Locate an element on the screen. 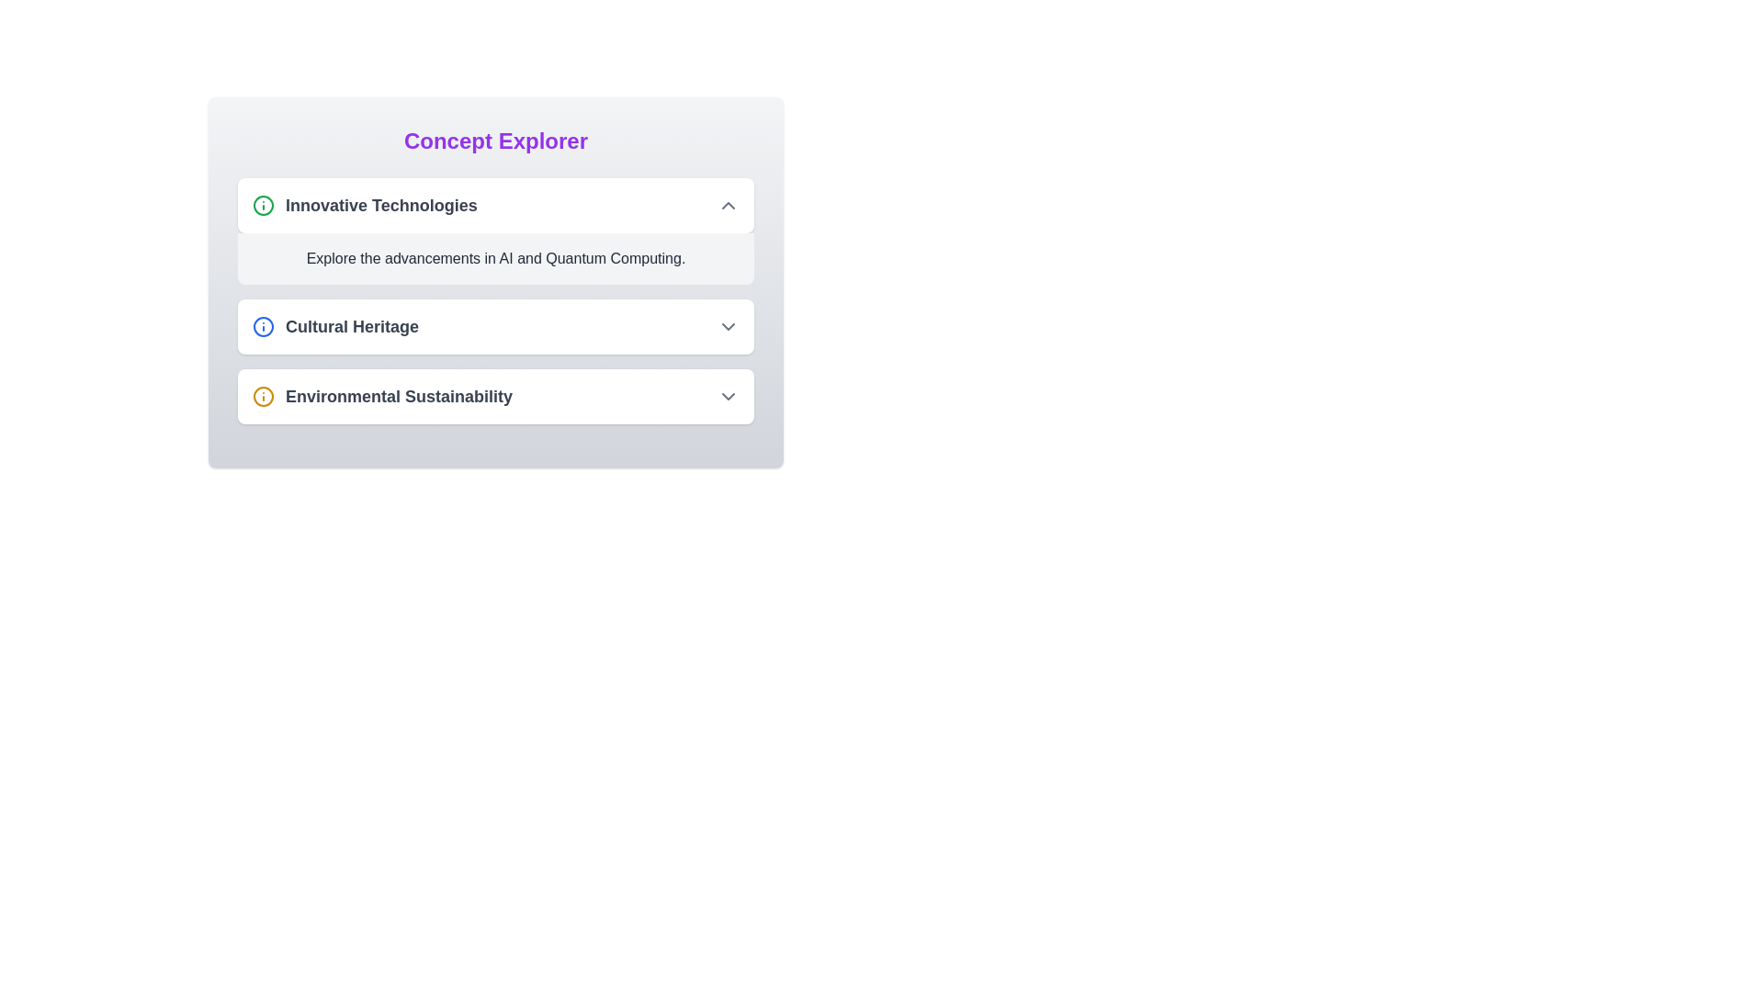 The width and height of the screenshot is (1764, 992). the Chevron icon located to the right of 'Innovative Technologies' in the 'Concept Explorer' panel is located at coordinates (727, 205).